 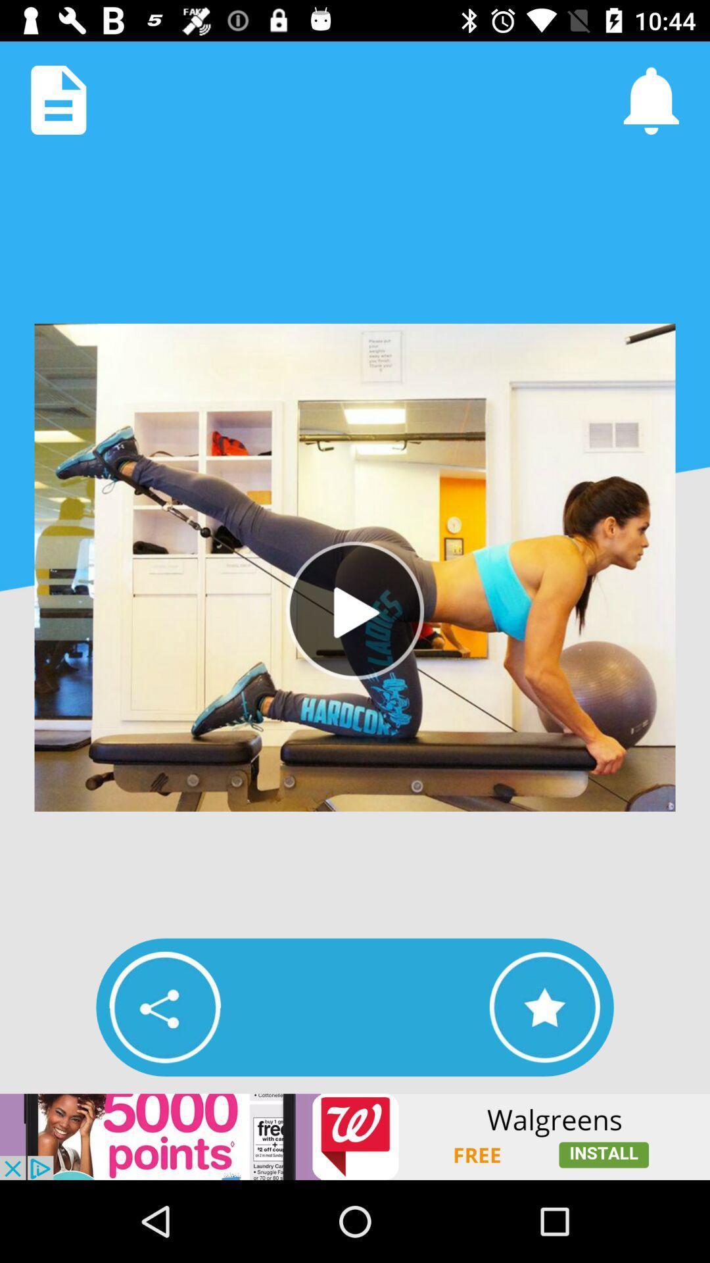 What do you see at coordinates (355, 610) in the screenshot?
I see `video` at bounding box center [355, 610].